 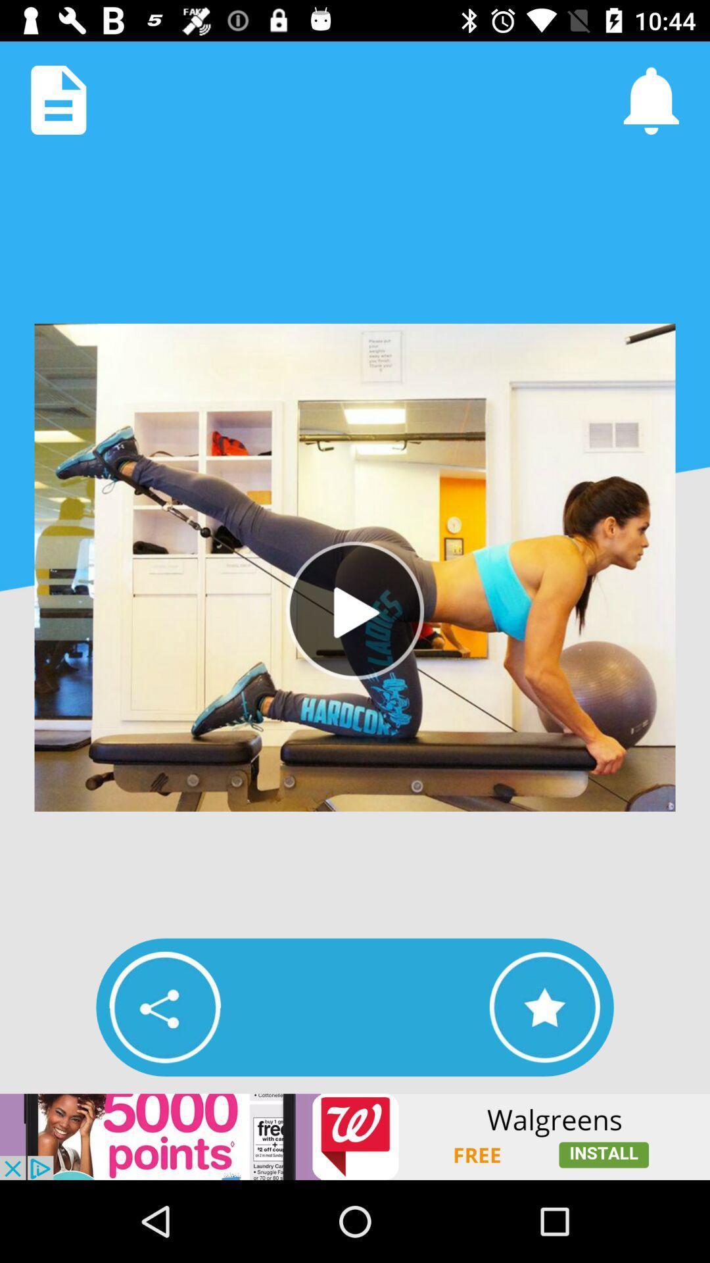 What do you see at coordinates (355, 610) in the screenshot?
I see `video` at bounding box center [355, 610].